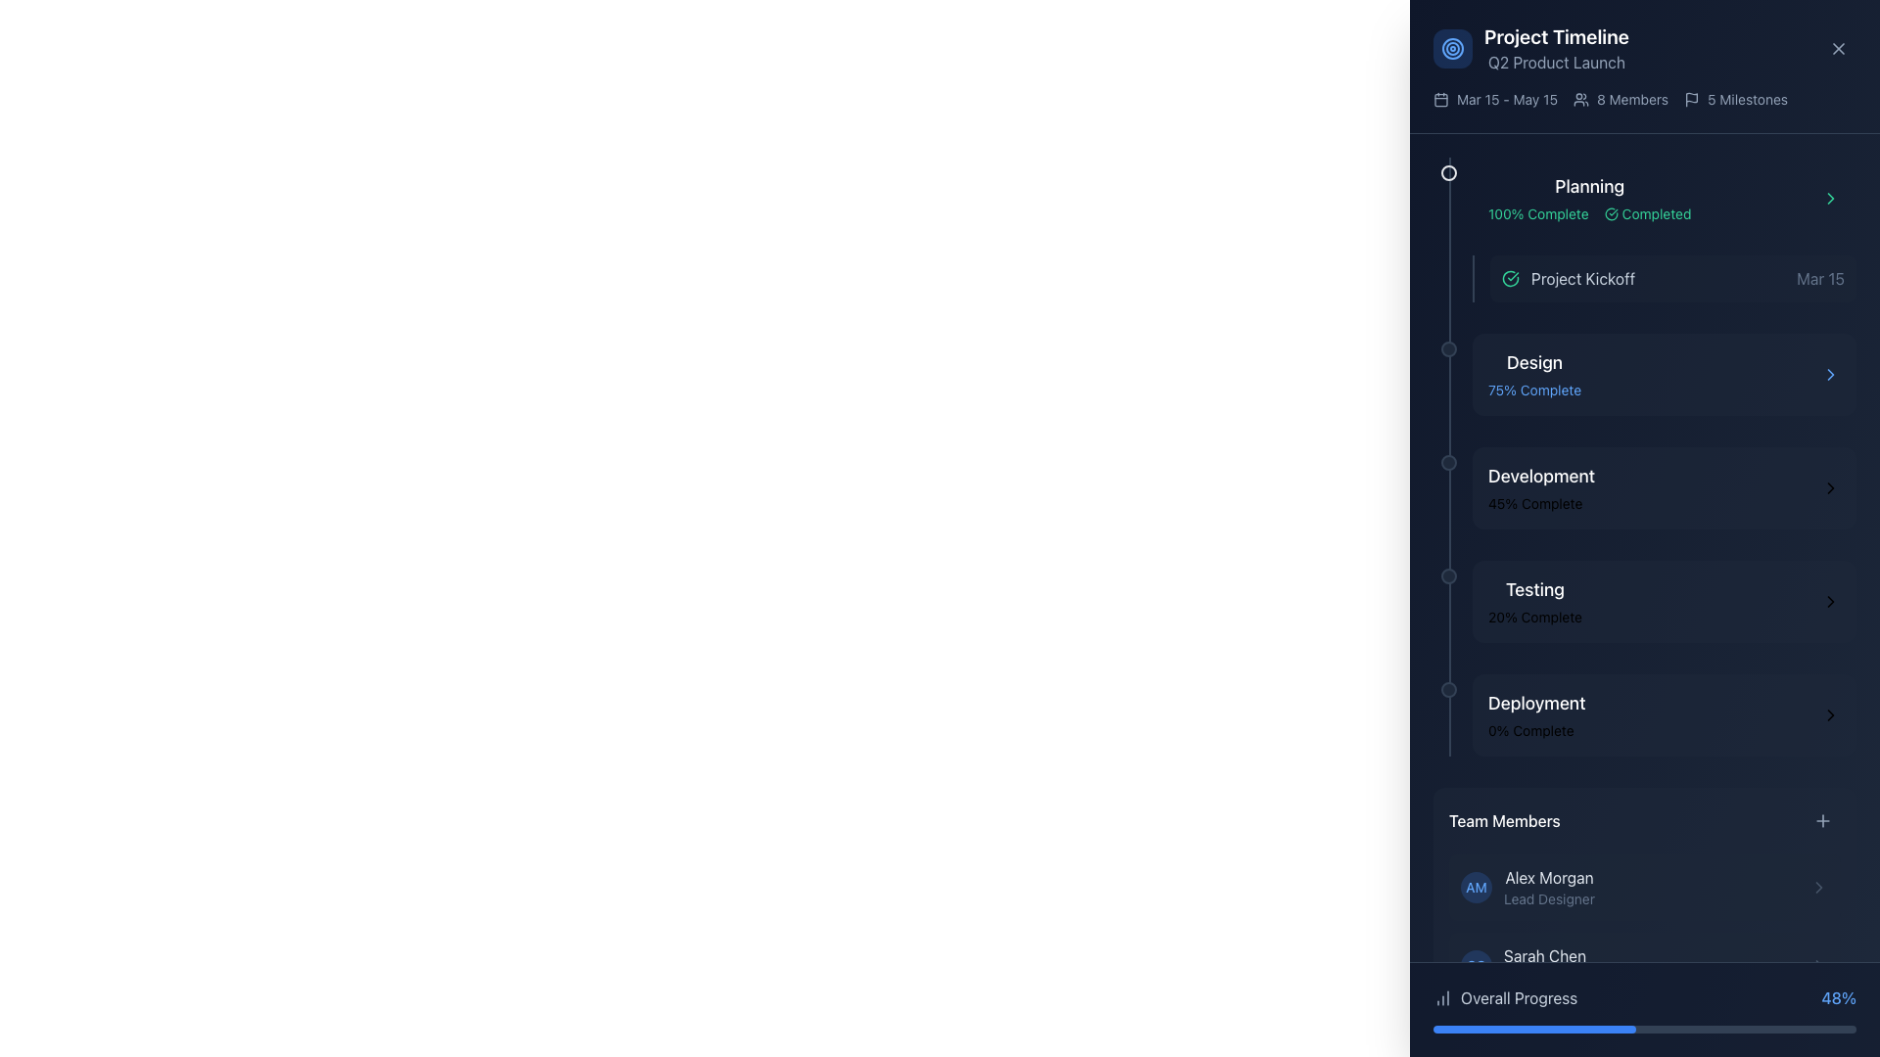  I want to click on contents of the text label that identifies a specific milestone or task in the project timeline interface, located above the '75% Complete' text element, so click(1533, 362).